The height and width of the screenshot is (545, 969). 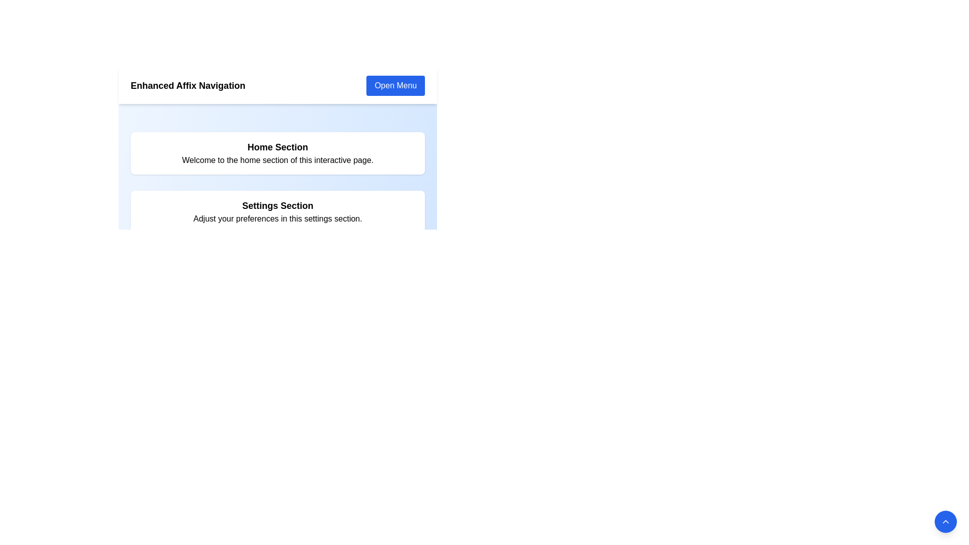 What do you see at coordinates (278, 147) in the screenshot?
I see `the interactive 'Home Section' header text, which serves as the title for the content below` at bounding box center [278, 147].